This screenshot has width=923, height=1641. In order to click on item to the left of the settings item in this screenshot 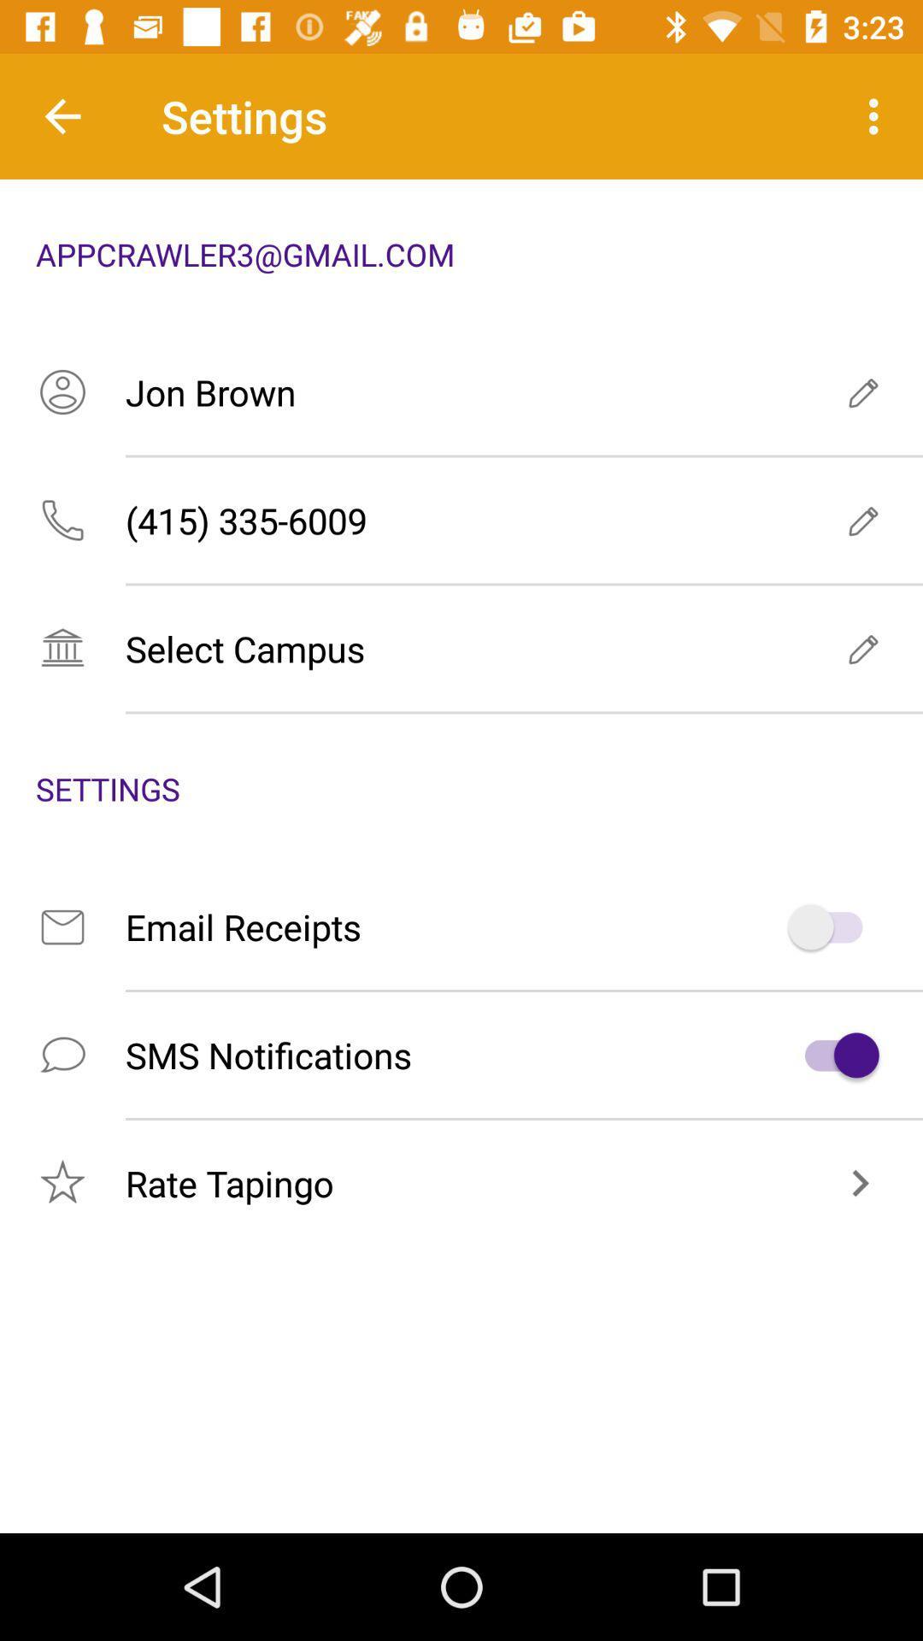, I will do `click(62, 115)`.